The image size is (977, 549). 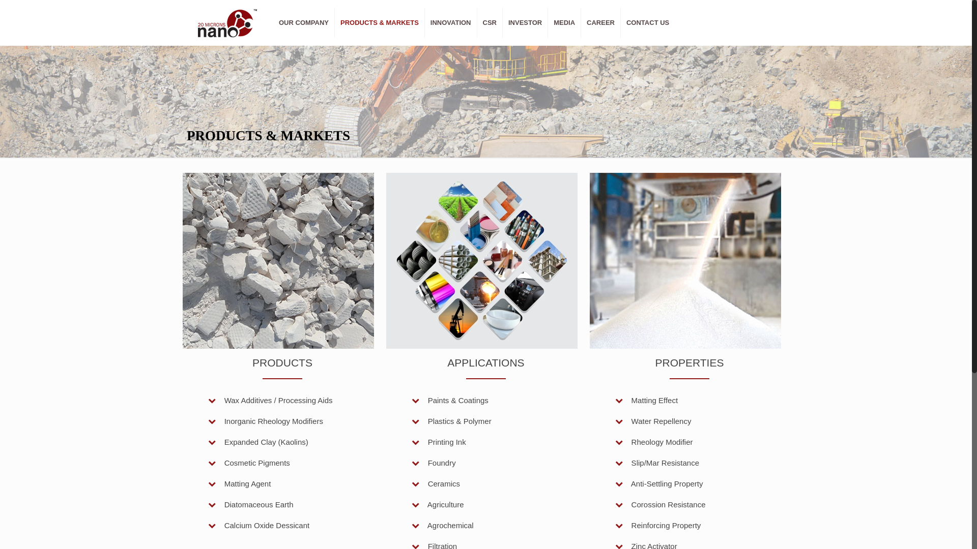 I want to click on 'PRODUCTS & MARKETS', so click(x=334, y=23).